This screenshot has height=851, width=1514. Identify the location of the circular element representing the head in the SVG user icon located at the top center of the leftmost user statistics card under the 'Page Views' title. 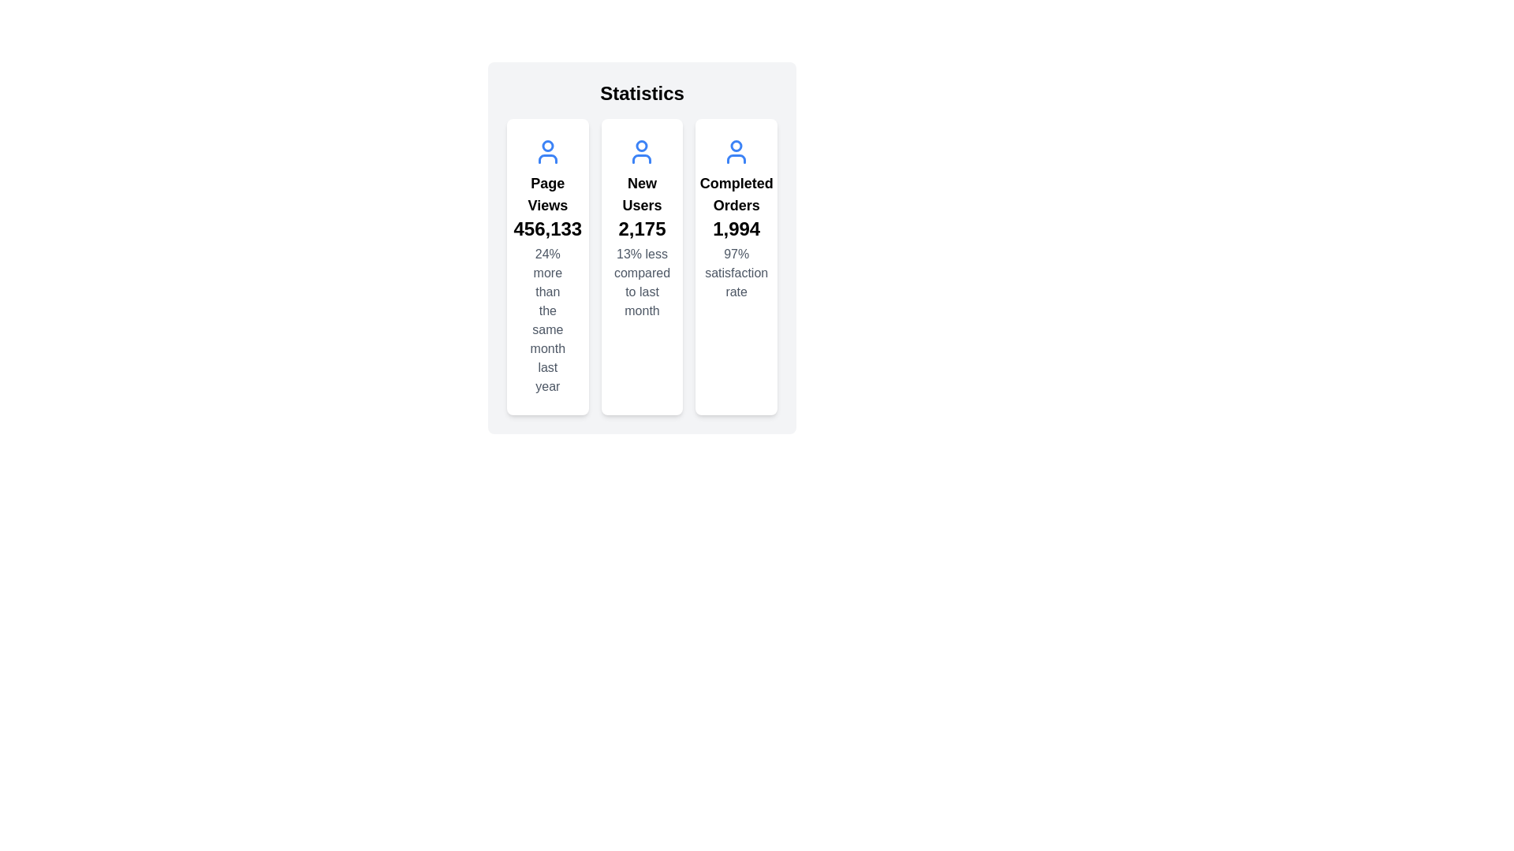
(547, 146).